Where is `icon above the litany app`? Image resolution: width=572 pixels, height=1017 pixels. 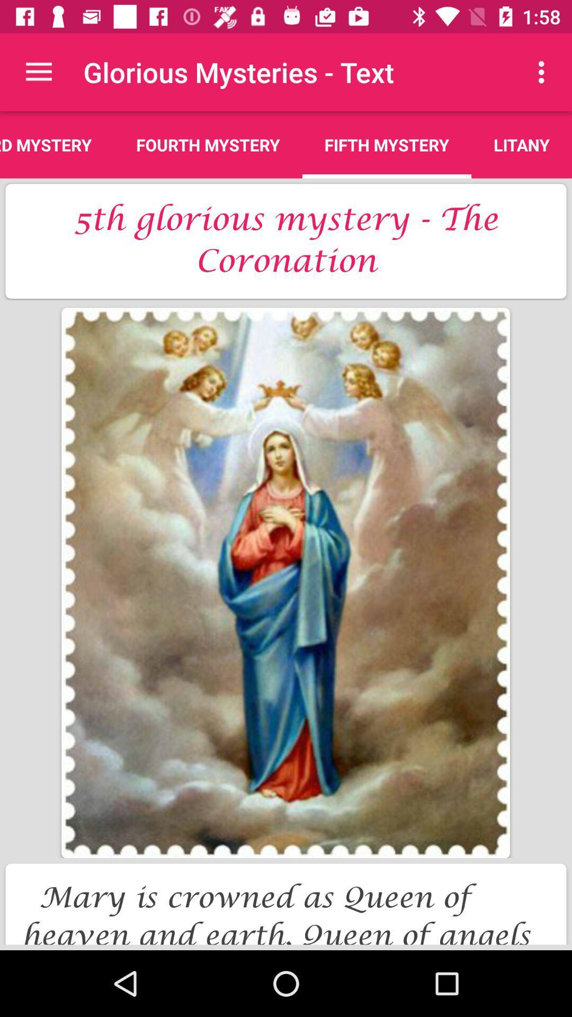 icon above the litany app is located at coordinates (544, 72).